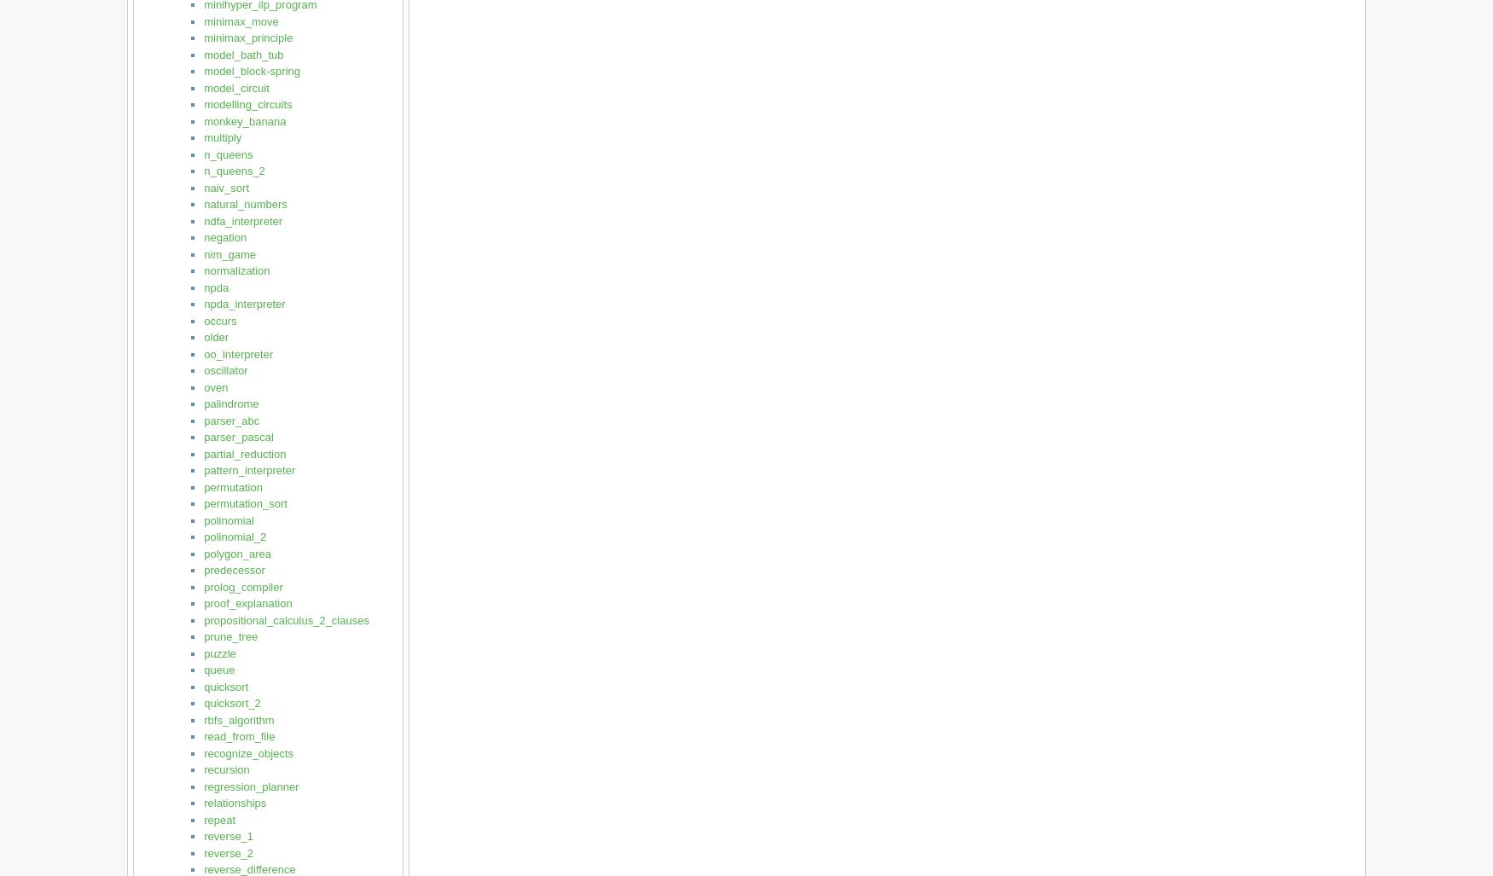 Image resolution: width=1493 pixels, height=876 pixels. I want to click on 'read_from_file', so click(204, 735).